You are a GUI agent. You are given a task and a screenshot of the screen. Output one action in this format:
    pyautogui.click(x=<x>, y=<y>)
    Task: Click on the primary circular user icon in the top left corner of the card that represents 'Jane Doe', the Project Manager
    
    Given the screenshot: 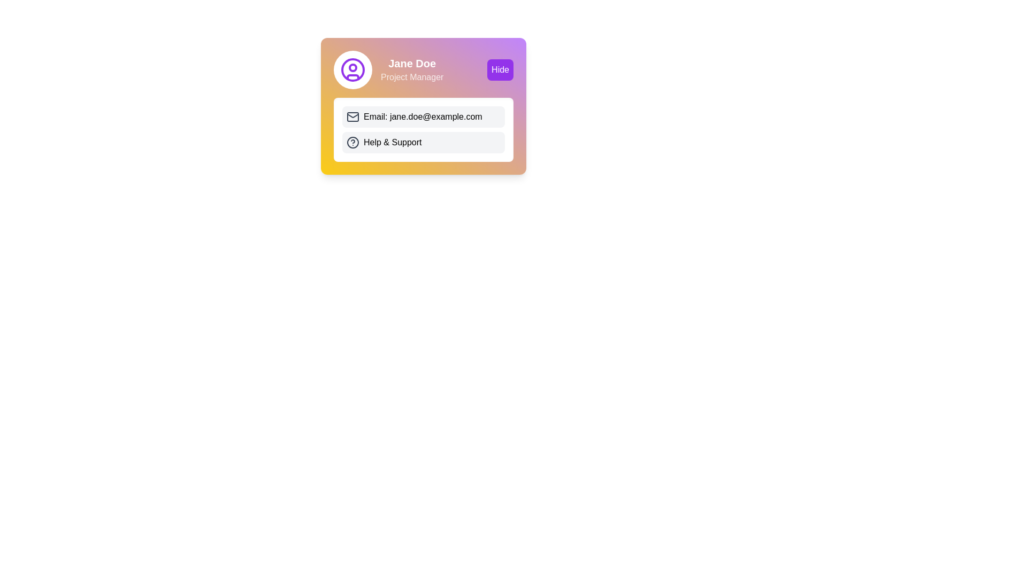 What is the action you would take?
    pyautogui.click(x=353, y=70)
    